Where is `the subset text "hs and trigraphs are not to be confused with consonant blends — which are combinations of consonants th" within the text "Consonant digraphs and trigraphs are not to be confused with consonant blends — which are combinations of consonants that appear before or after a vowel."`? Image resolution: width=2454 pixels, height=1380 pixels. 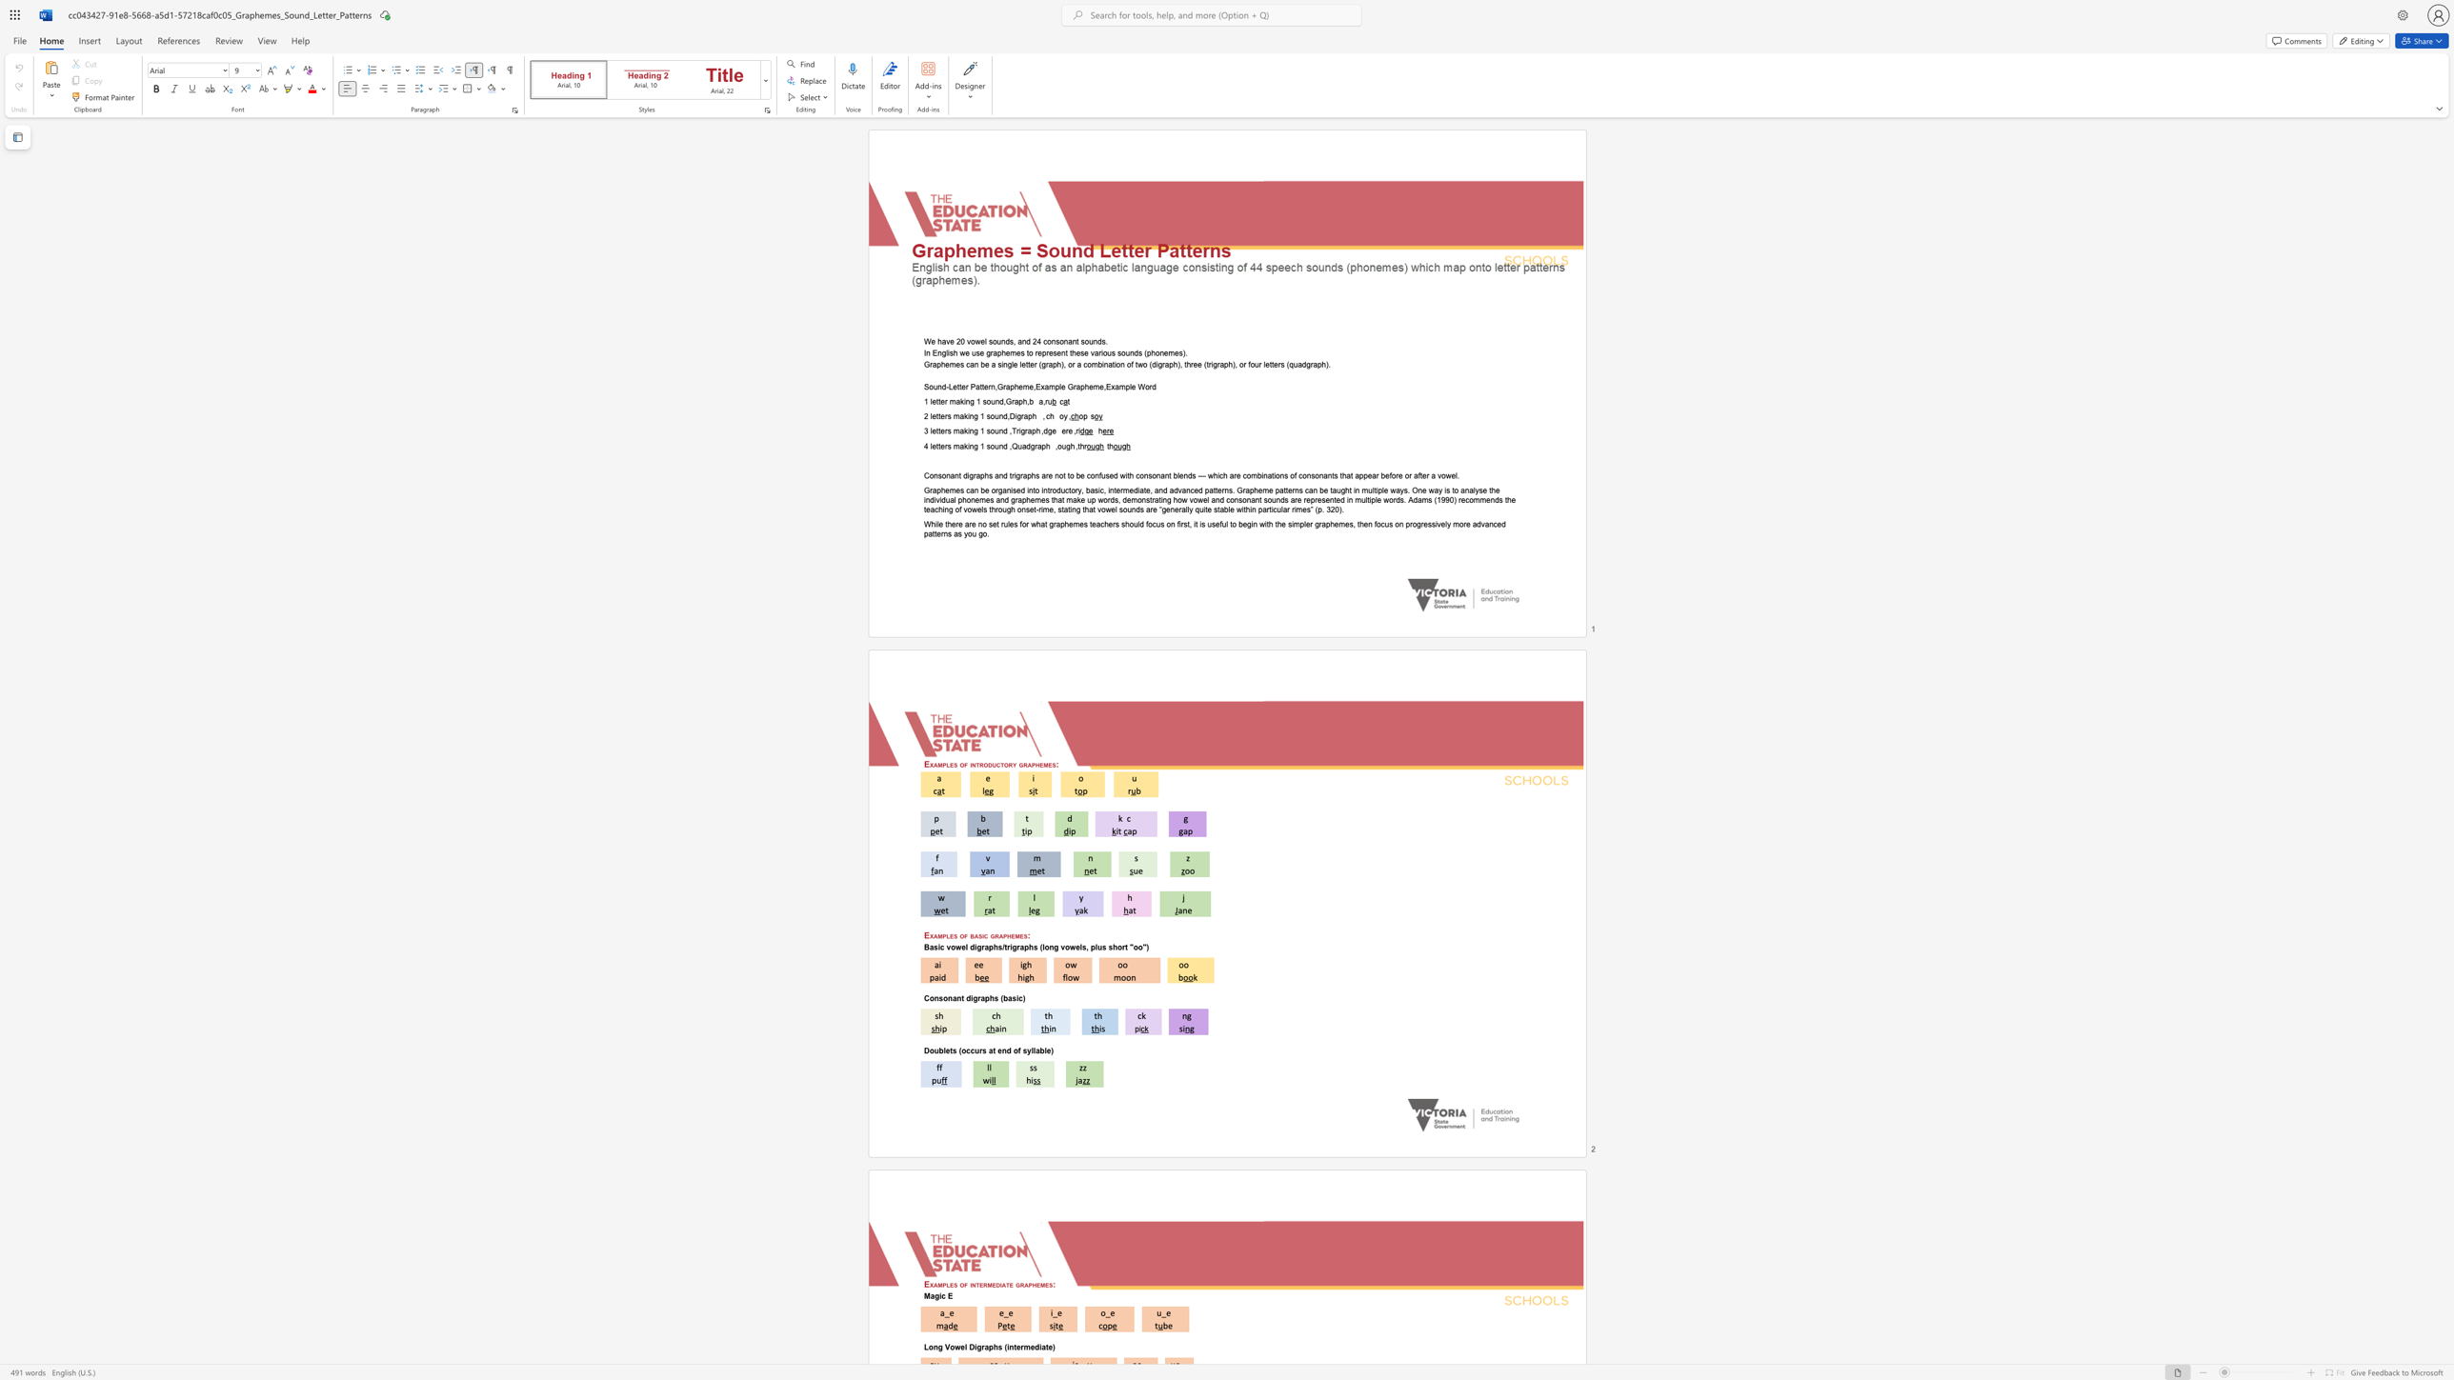
the subset text "hs and trigraphs are not to be confused with consonant blends — which are combinations of consonants th" within the text "Consonant digraphs and trigraphs are not to be confused with consonant blends — which are combinations of consonants that appear before or after a vowel." is located at coordinates (983, 474).